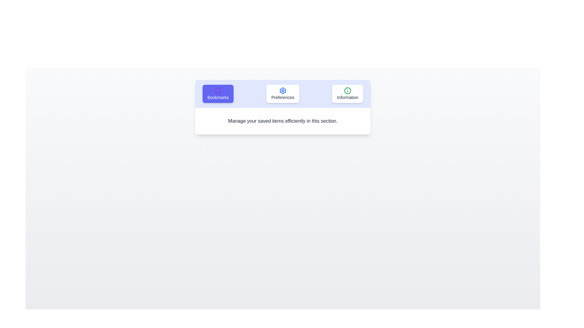 The width and height of the screenshot is (584, 328). Describe the element at coordinates (347, 94) in the screenshot. I see `the tab labeled Information to observe its visual changes` at that location.